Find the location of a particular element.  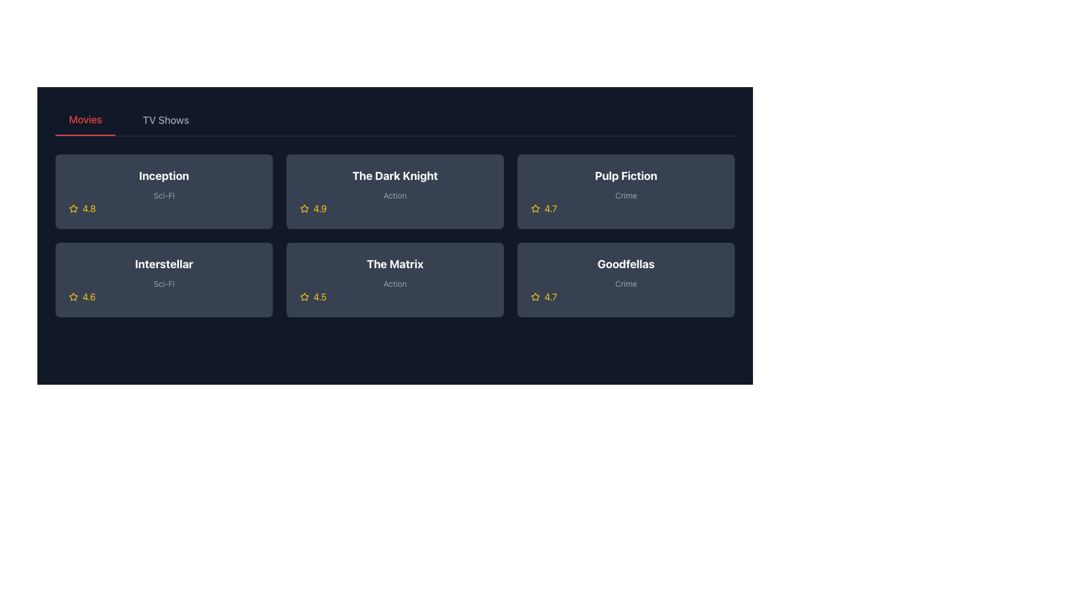

the movie card displaying 'The Matrix', which is a dark gray, rounded rectangle with the title in bold white text and a yellow star rating of 4.5 is located at coordinates (395, 279).